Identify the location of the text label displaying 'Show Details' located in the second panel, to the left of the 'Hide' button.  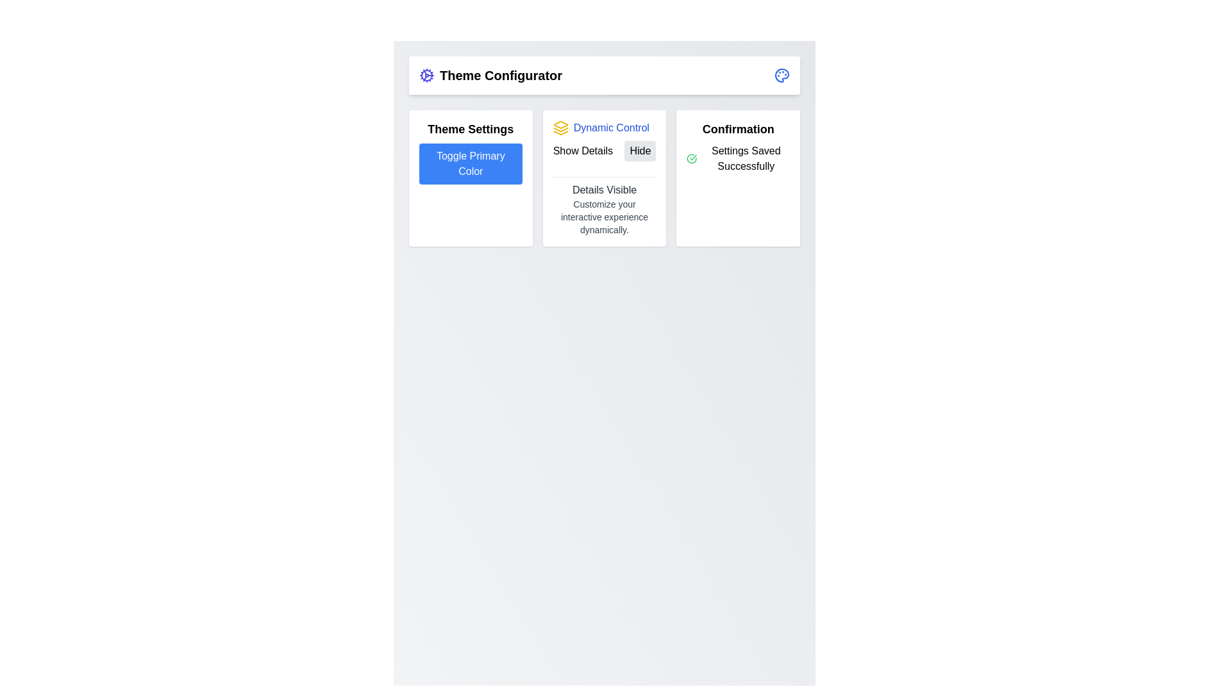
(582, 150).